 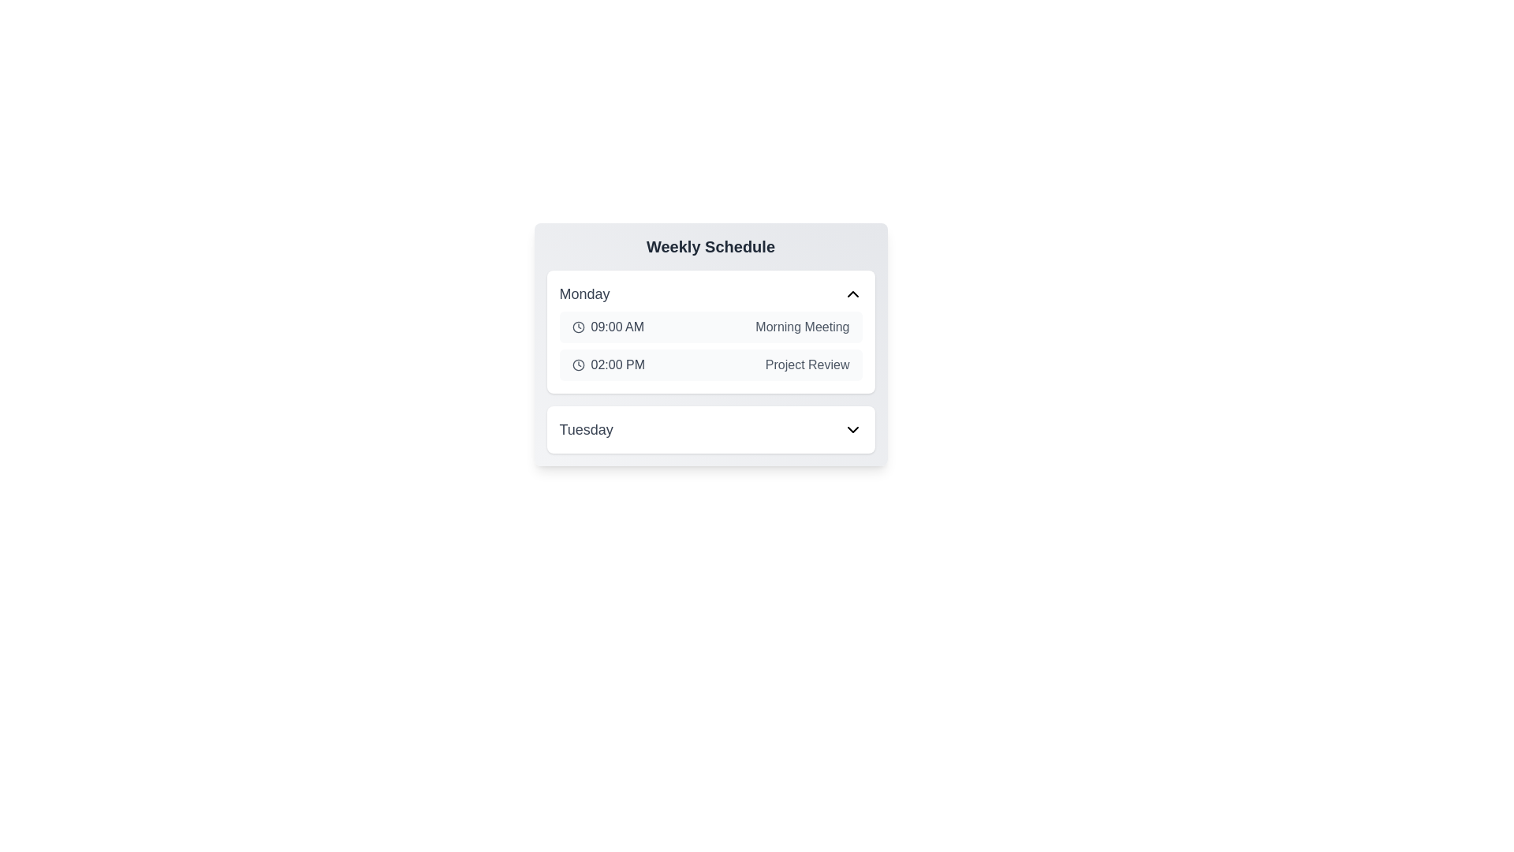 What do you see at coordinates (807, 364) in the screenshot?
I see `the label describing the schedule event occurring at 02:00 PM on Monday, located to the right of the timestamp within the same row under the 'Monday' section of the 'Weekly Schedule' card` at bounding box center [807, 364].